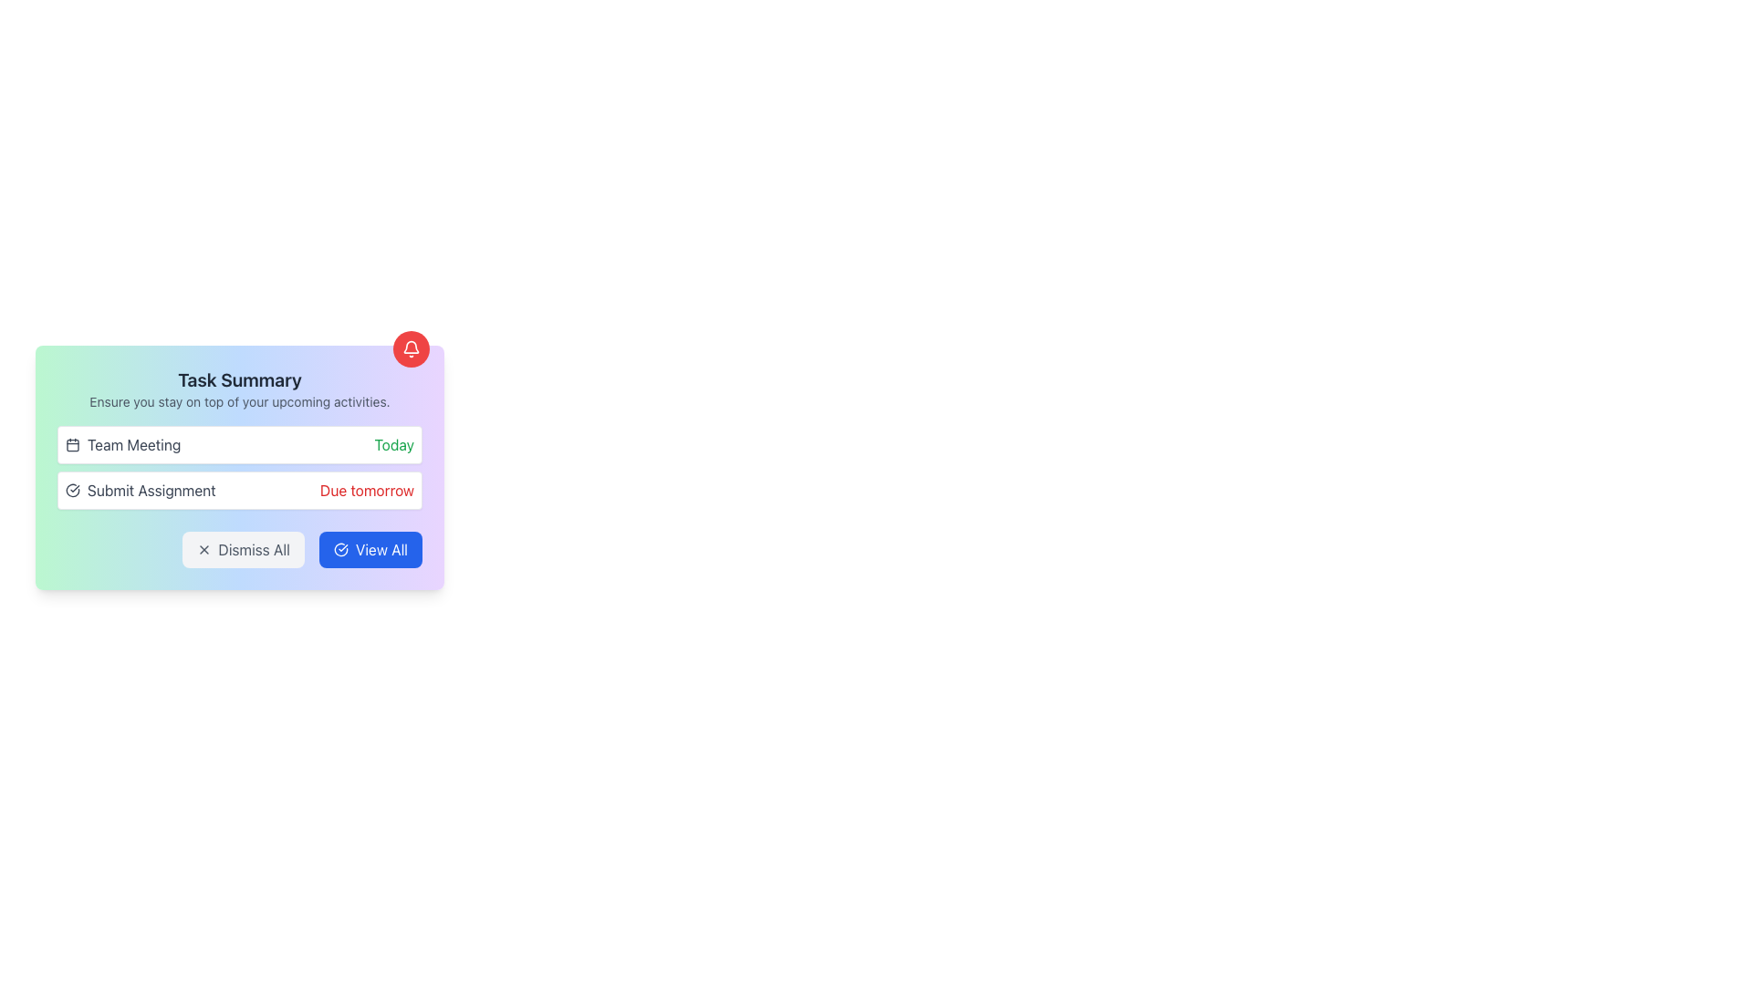  Describe the element at coordinates (239, 467) in the screenshot. I see `the Informational Panel which features a gradient background and contains the heading 'Task Summary' along with action buttons at the bottom` at that location.